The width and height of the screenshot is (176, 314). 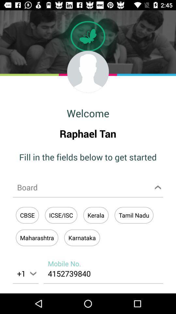 I want to click on profile picture, so click(x=88, y=72).